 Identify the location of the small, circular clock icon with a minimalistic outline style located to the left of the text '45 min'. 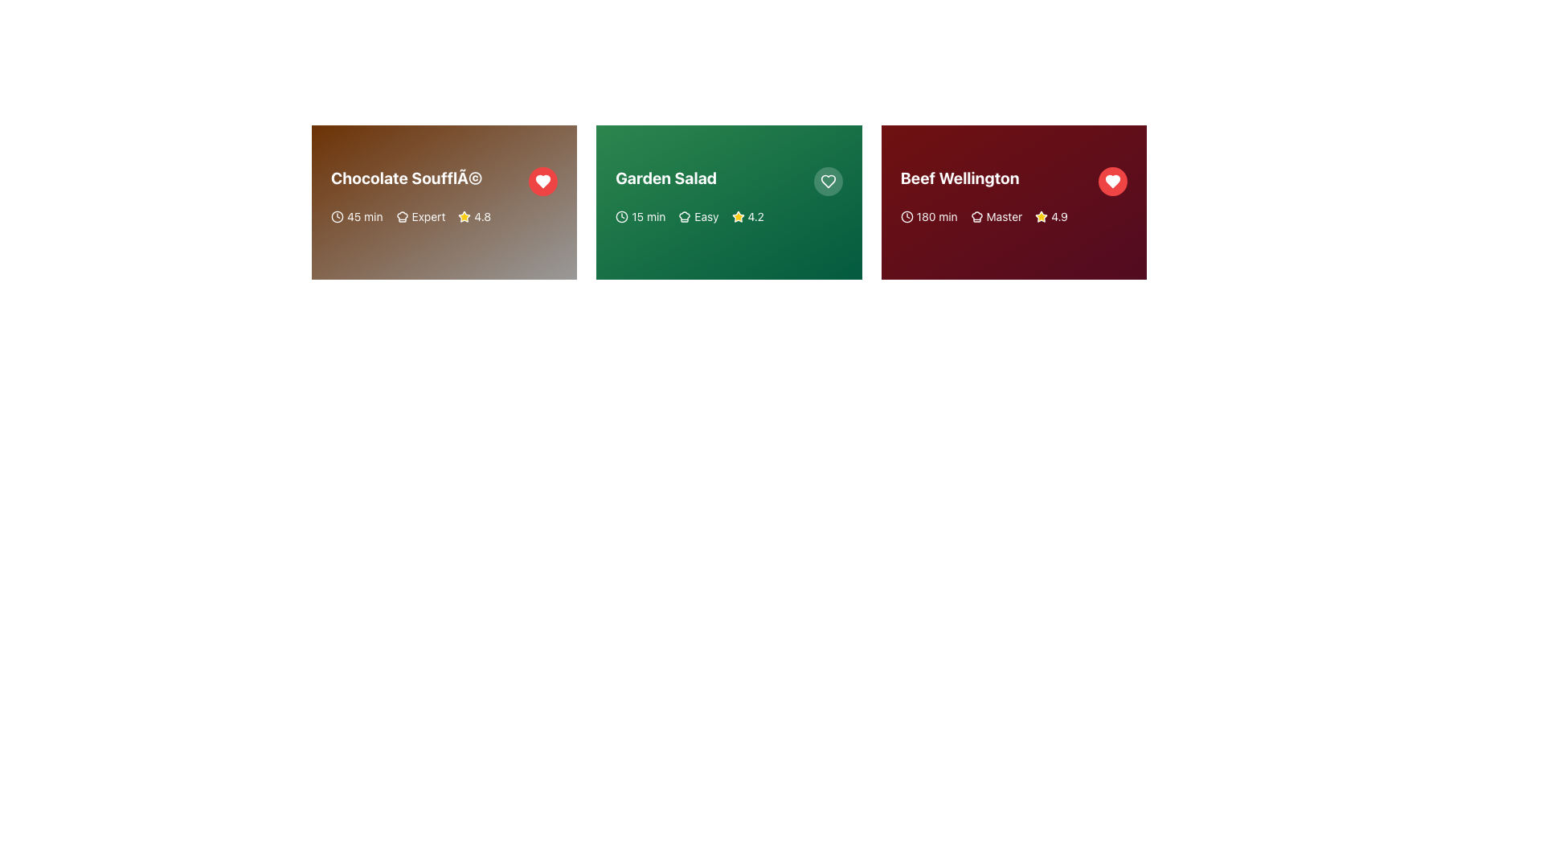
(337, 217).